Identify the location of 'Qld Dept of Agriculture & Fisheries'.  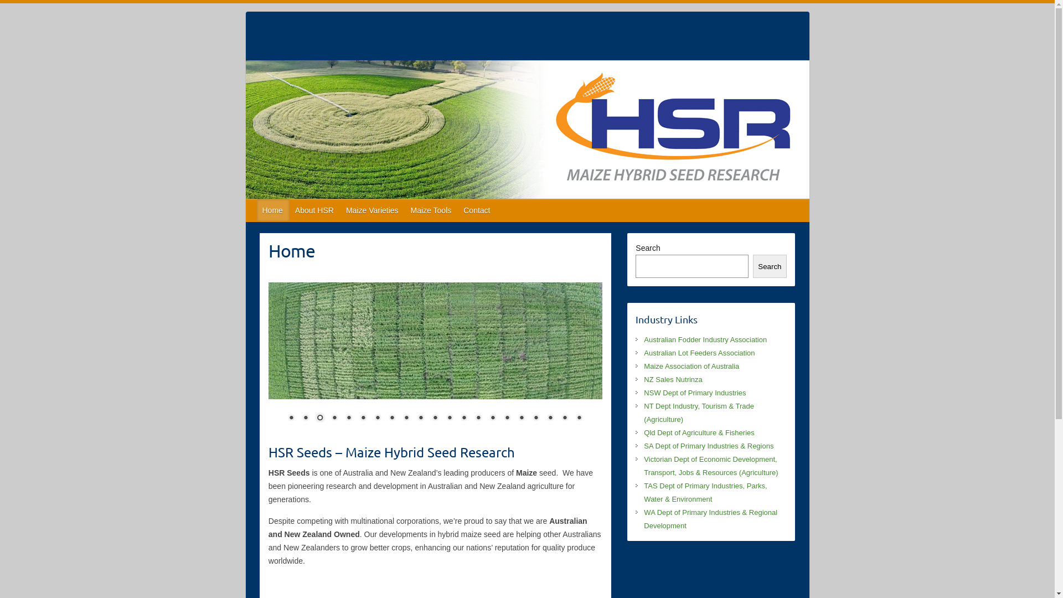
(643, 432).